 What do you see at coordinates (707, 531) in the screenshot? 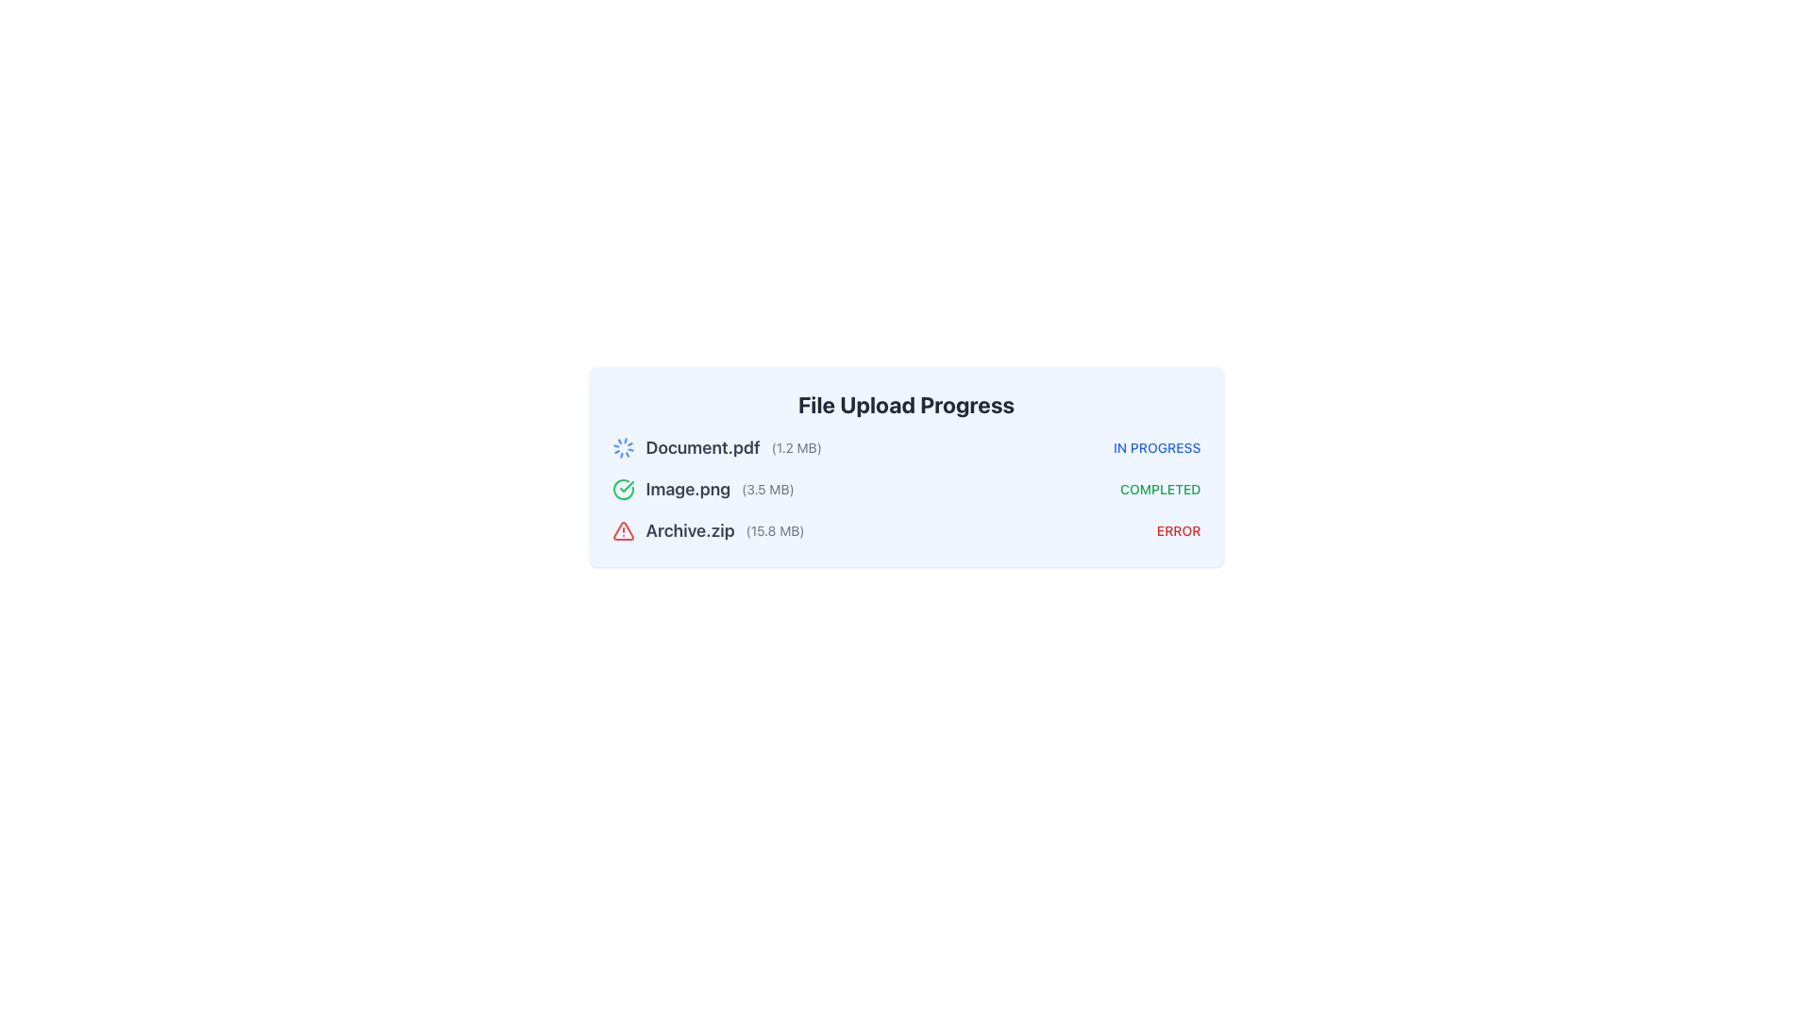
I see `the text 'Archive.zip' in the File Upload Status List` at bounding box center [707, 531].